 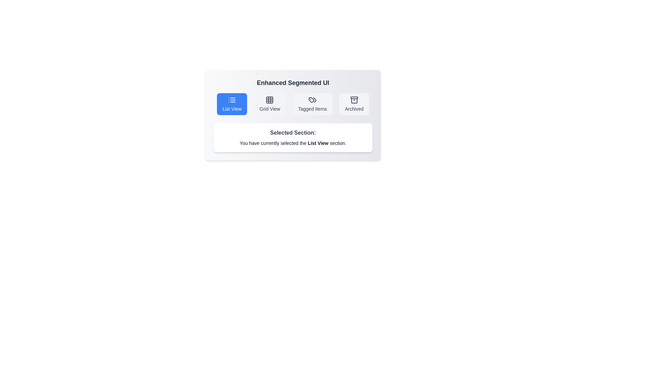 I want to click on the 'List View' icon, which is centrally located above the label text 'List View' in the first segment of the segmented UI component, so click(x=232, y=100).